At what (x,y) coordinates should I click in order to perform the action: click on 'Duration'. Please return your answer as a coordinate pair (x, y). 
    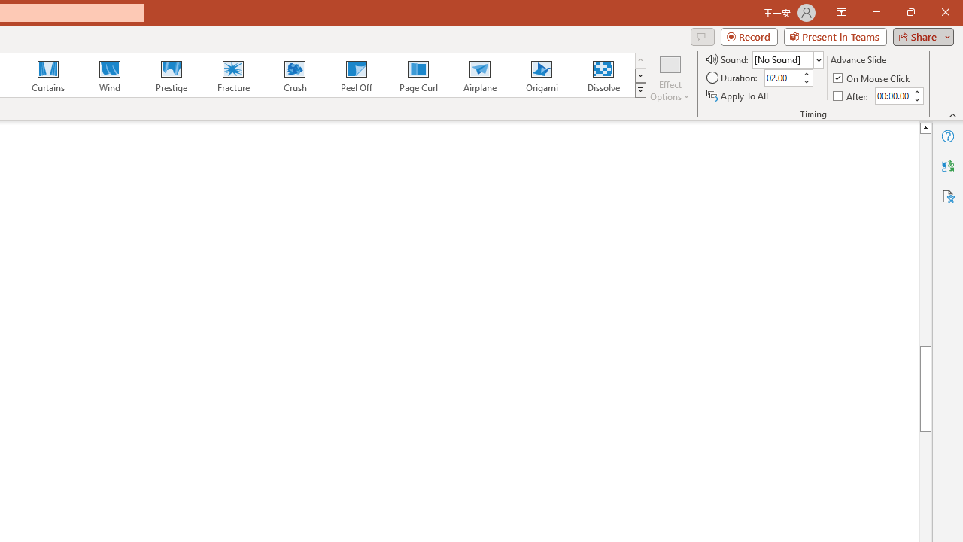
    Looking at the image, I should click on (782, 78).